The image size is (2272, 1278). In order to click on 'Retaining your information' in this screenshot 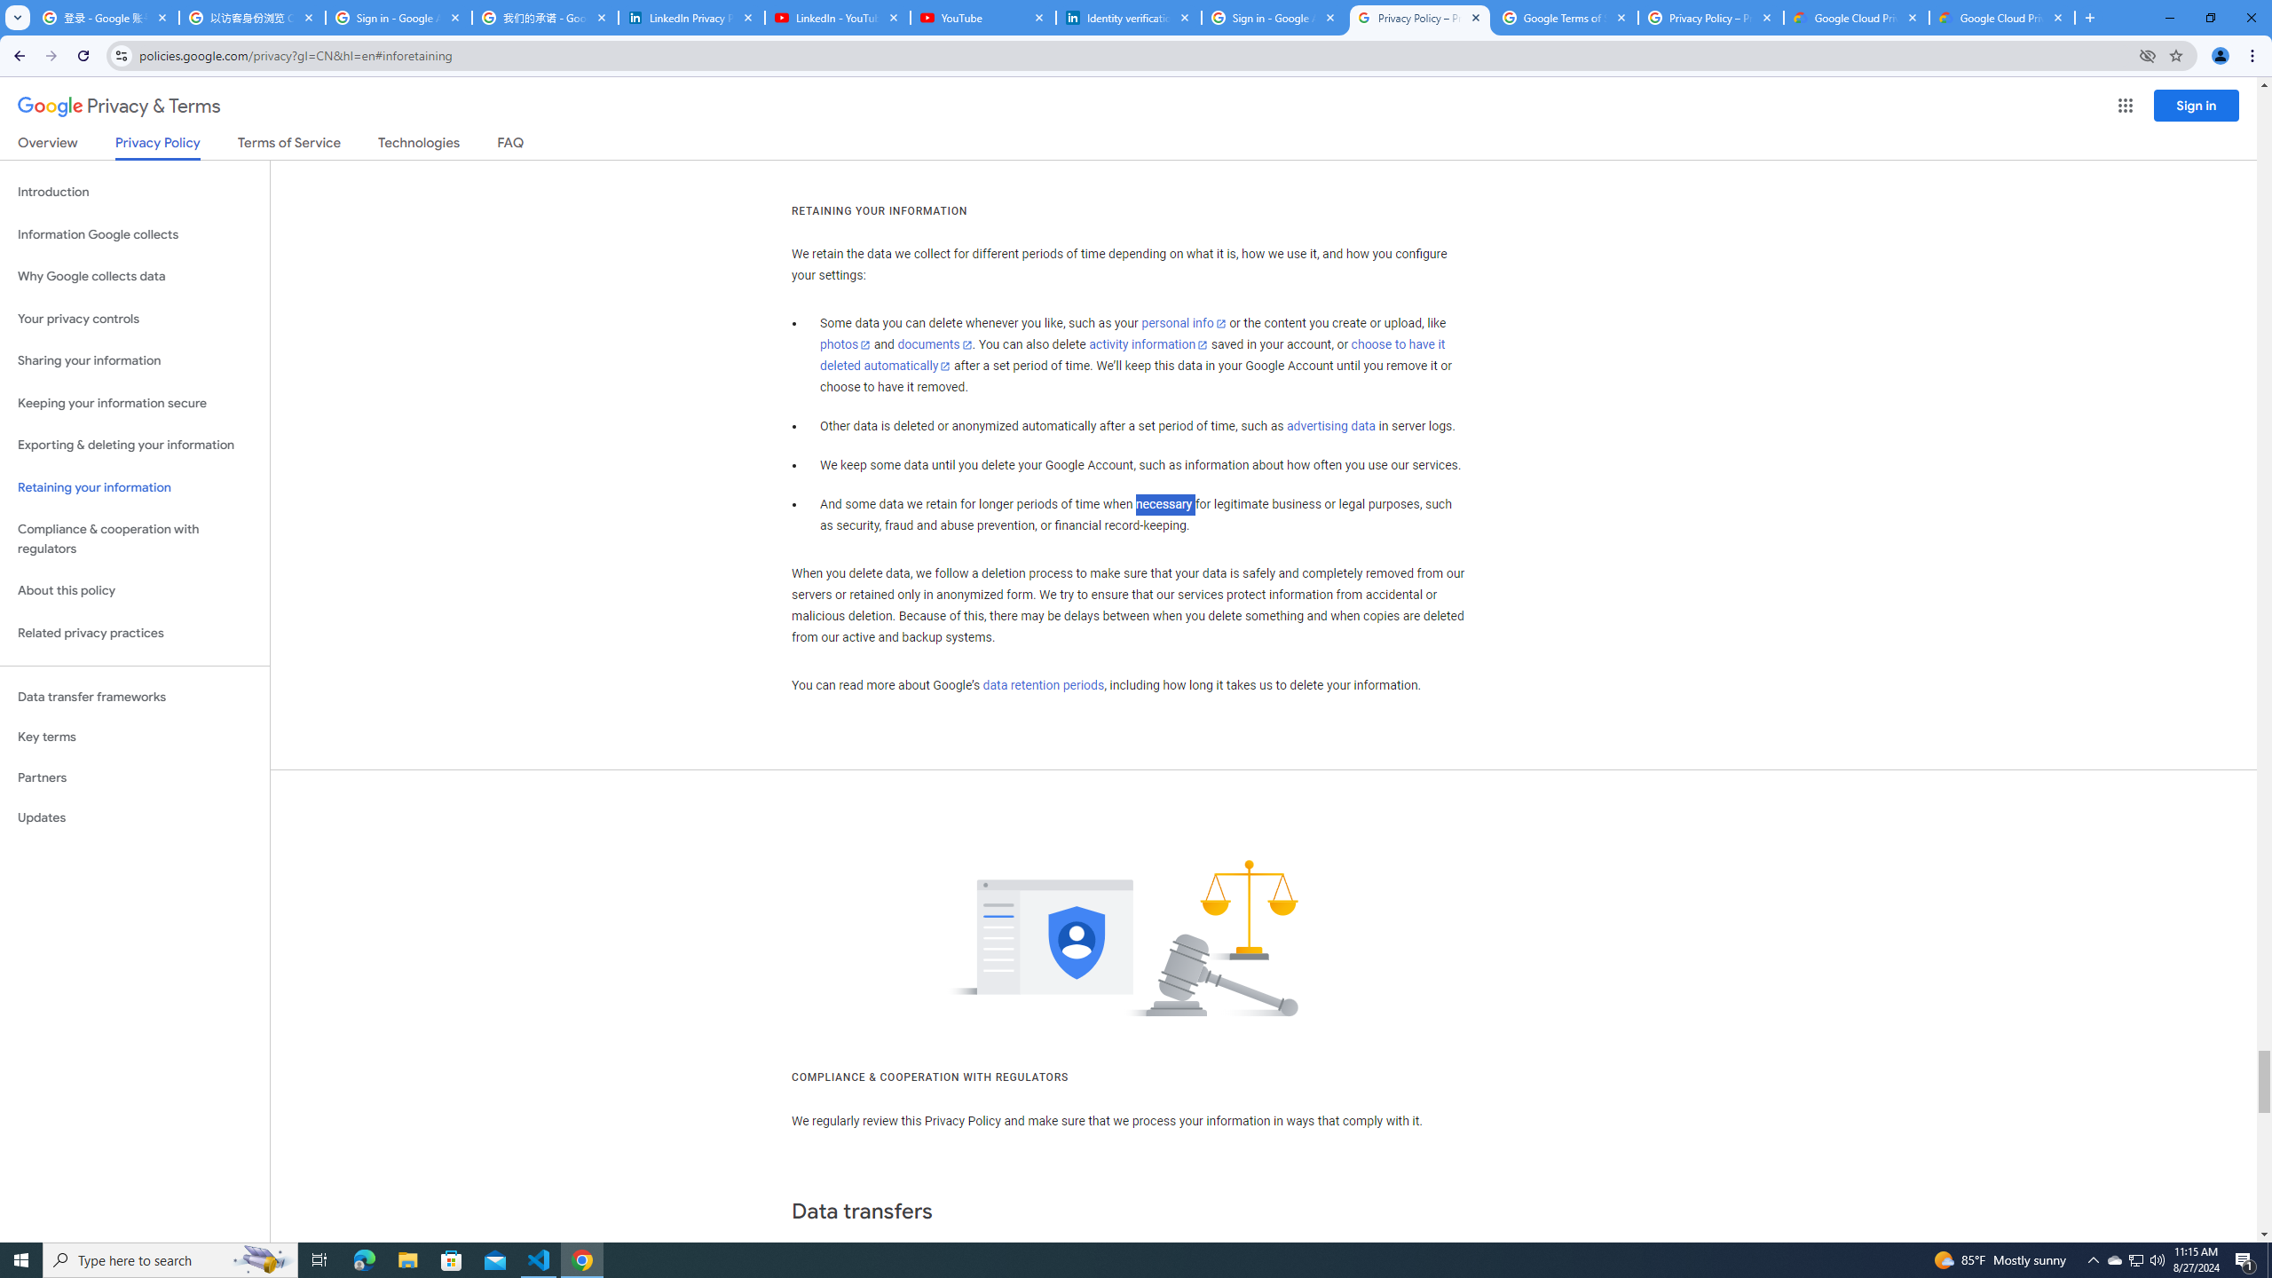, I will do `click(134, 487)`.